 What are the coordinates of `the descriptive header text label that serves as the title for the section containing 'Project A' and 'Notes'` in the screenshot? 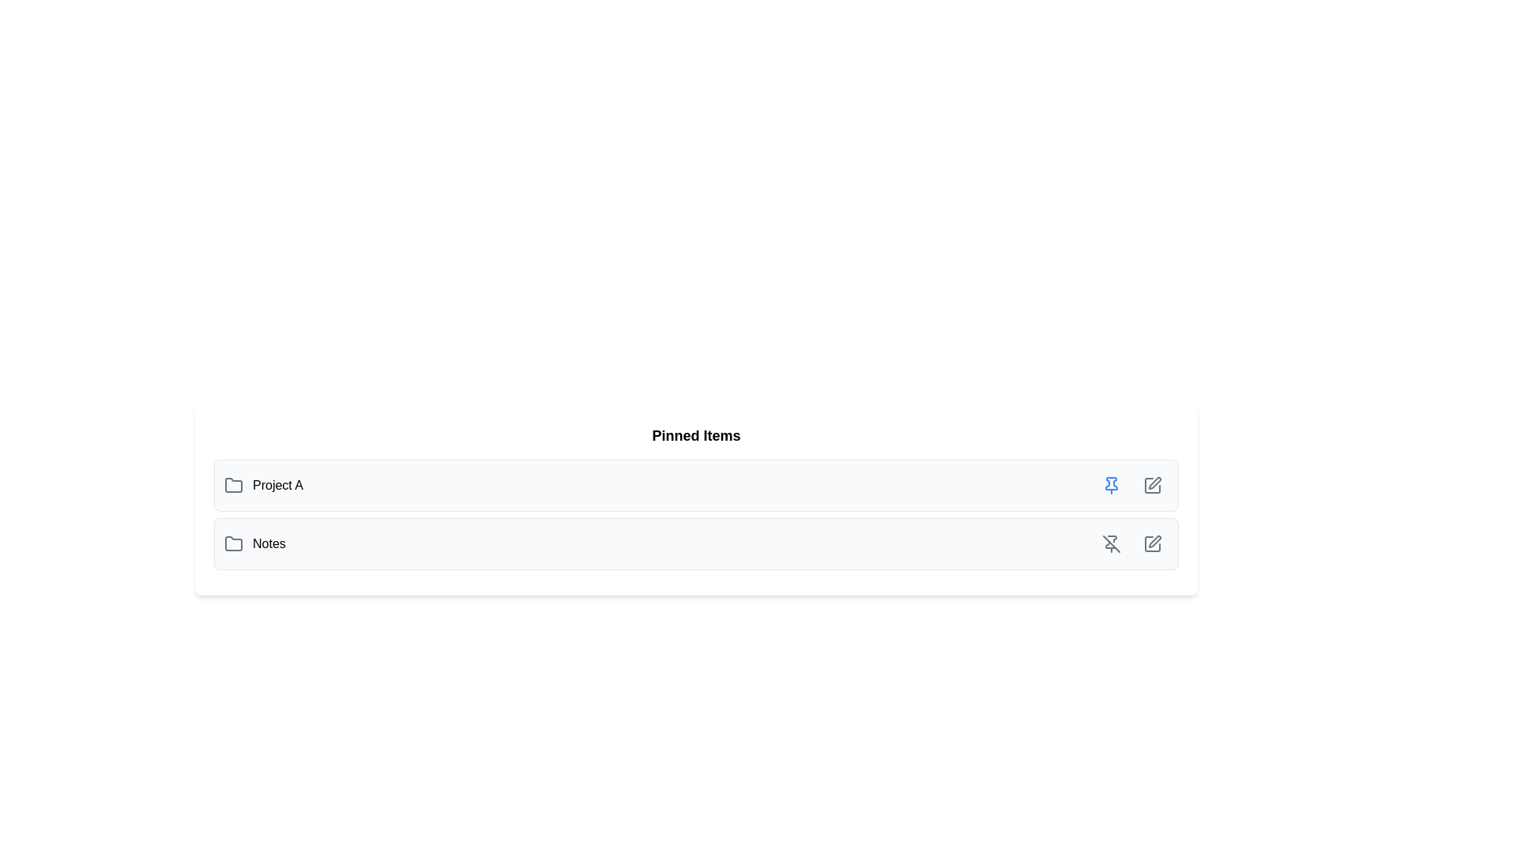 It's located at (695, 435).